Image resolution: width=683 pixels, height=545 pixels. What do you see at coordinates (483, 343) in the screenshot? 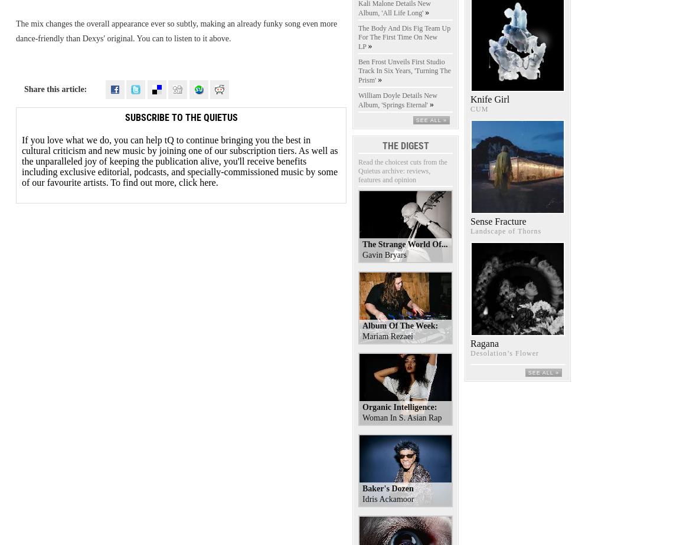
I see `'Ragana'` at bounding box center [483, 343].